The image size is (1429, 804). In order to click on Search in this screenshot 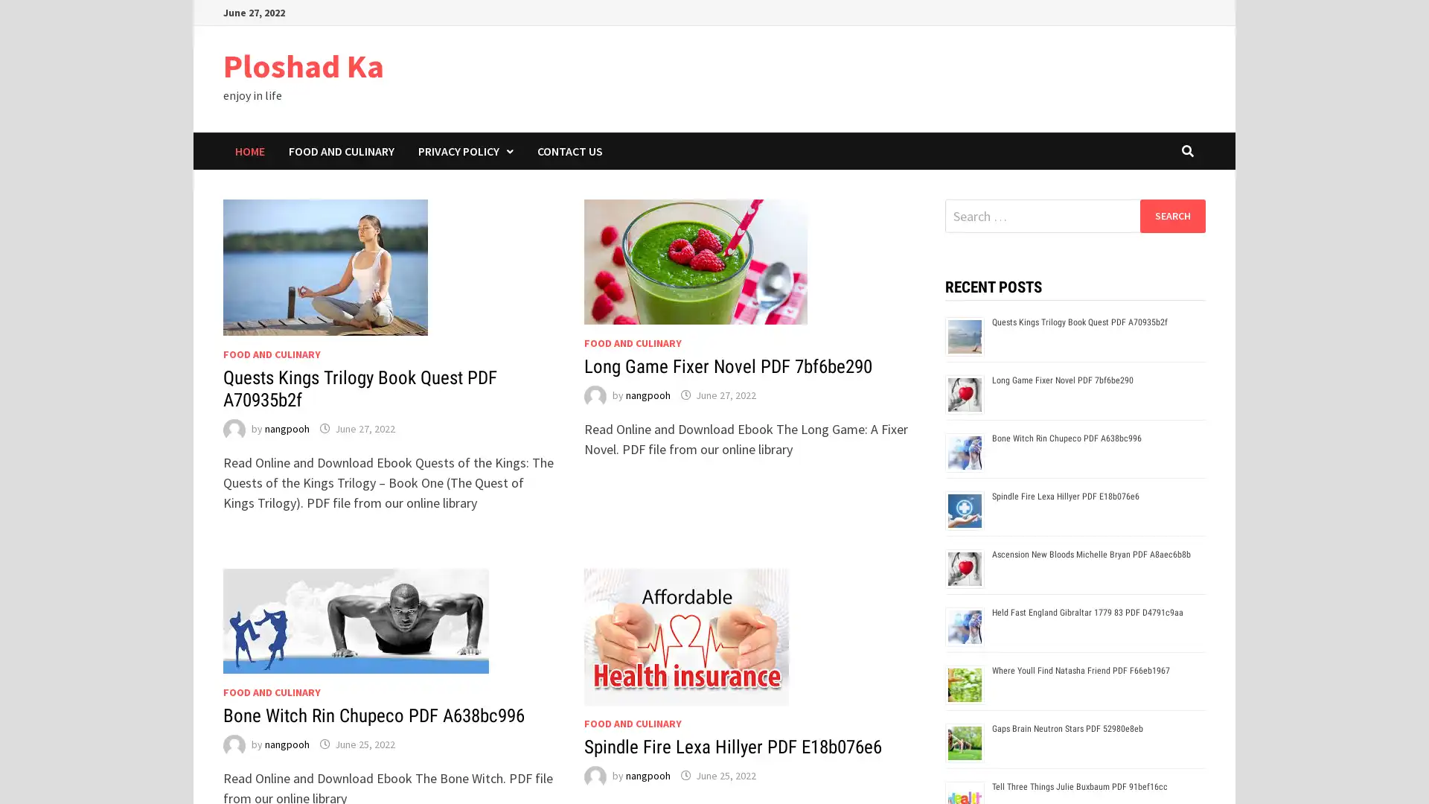, I will do `click(1171, 215)`.